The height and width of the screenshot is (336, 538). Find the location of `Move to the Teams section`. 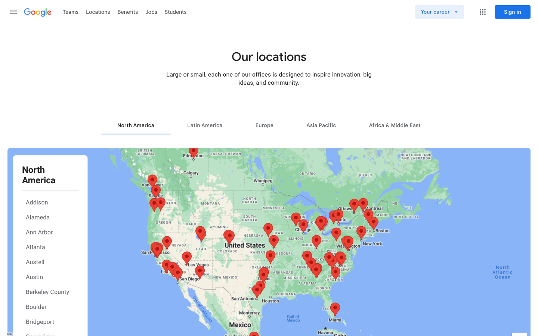

Move to the Teams section is located at coordinates (71, 11).